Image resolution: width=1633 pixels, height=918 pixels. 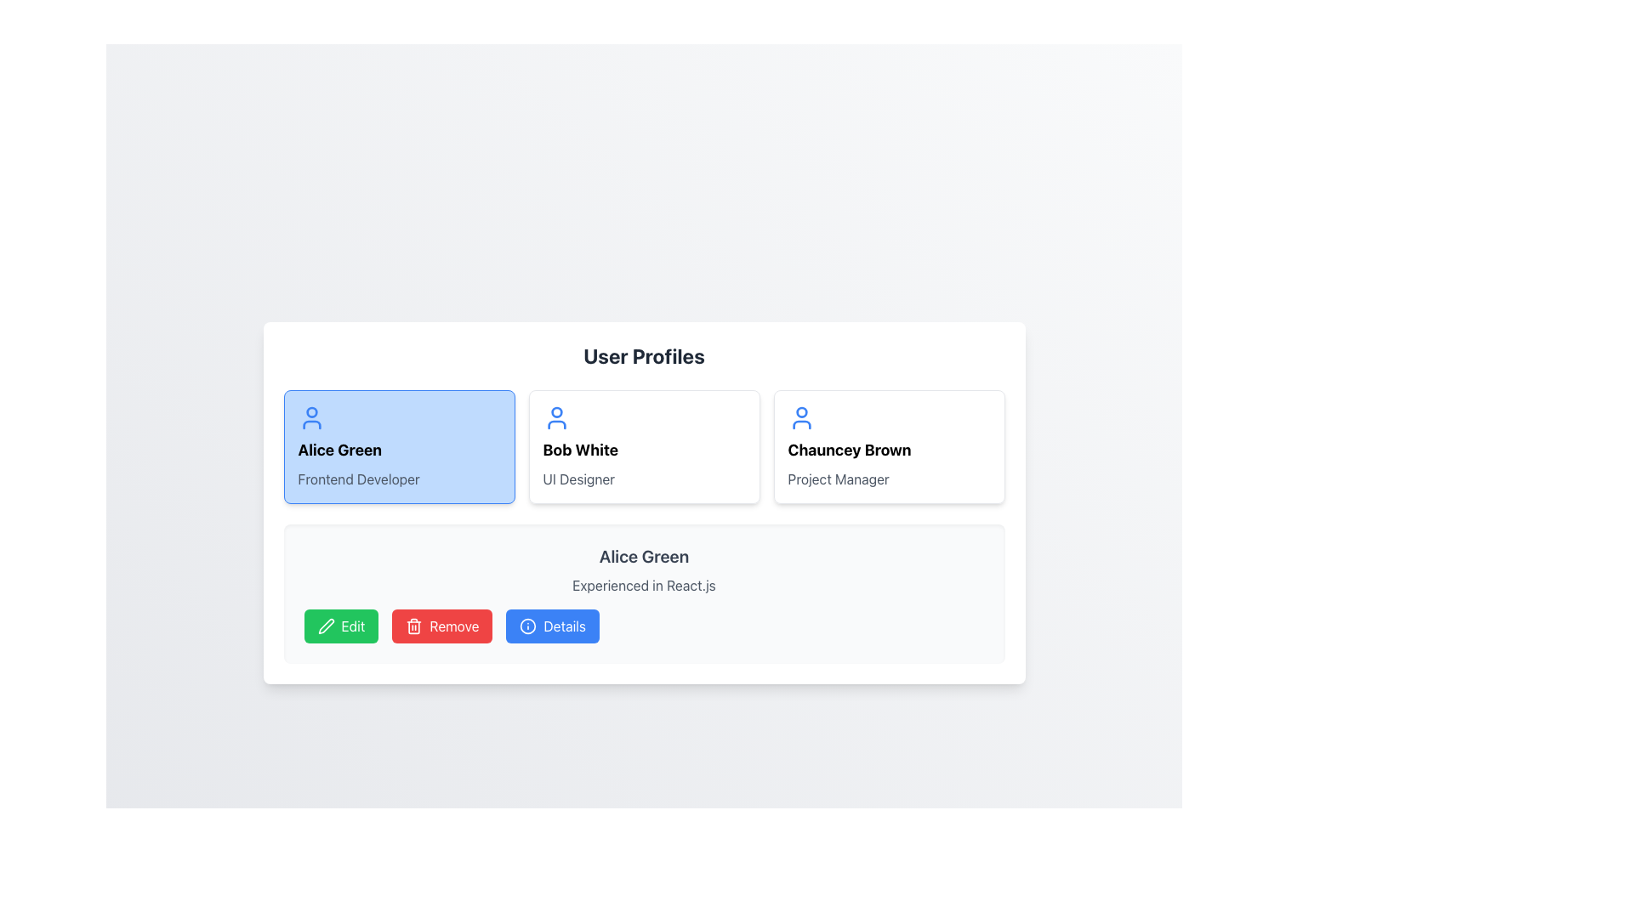 I want to click on the 'Edit' icon, which is a green button located at the bottom section of the interface, so click(x=326, y=626).